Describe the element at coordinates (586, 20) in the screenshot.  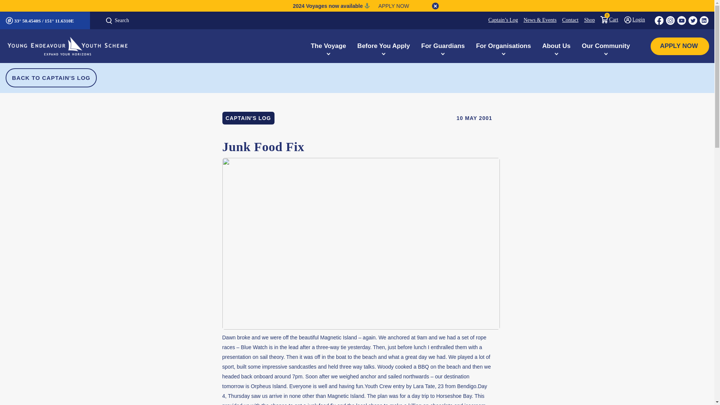
I see `'Shop'` at that location.